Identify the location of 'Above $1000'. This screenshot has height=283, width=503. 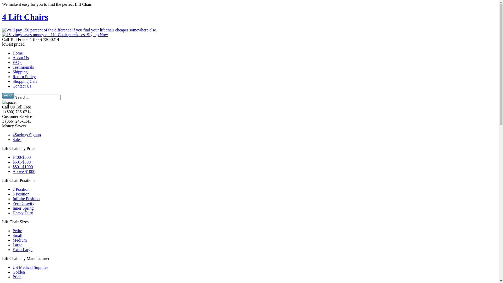
(24, 171).